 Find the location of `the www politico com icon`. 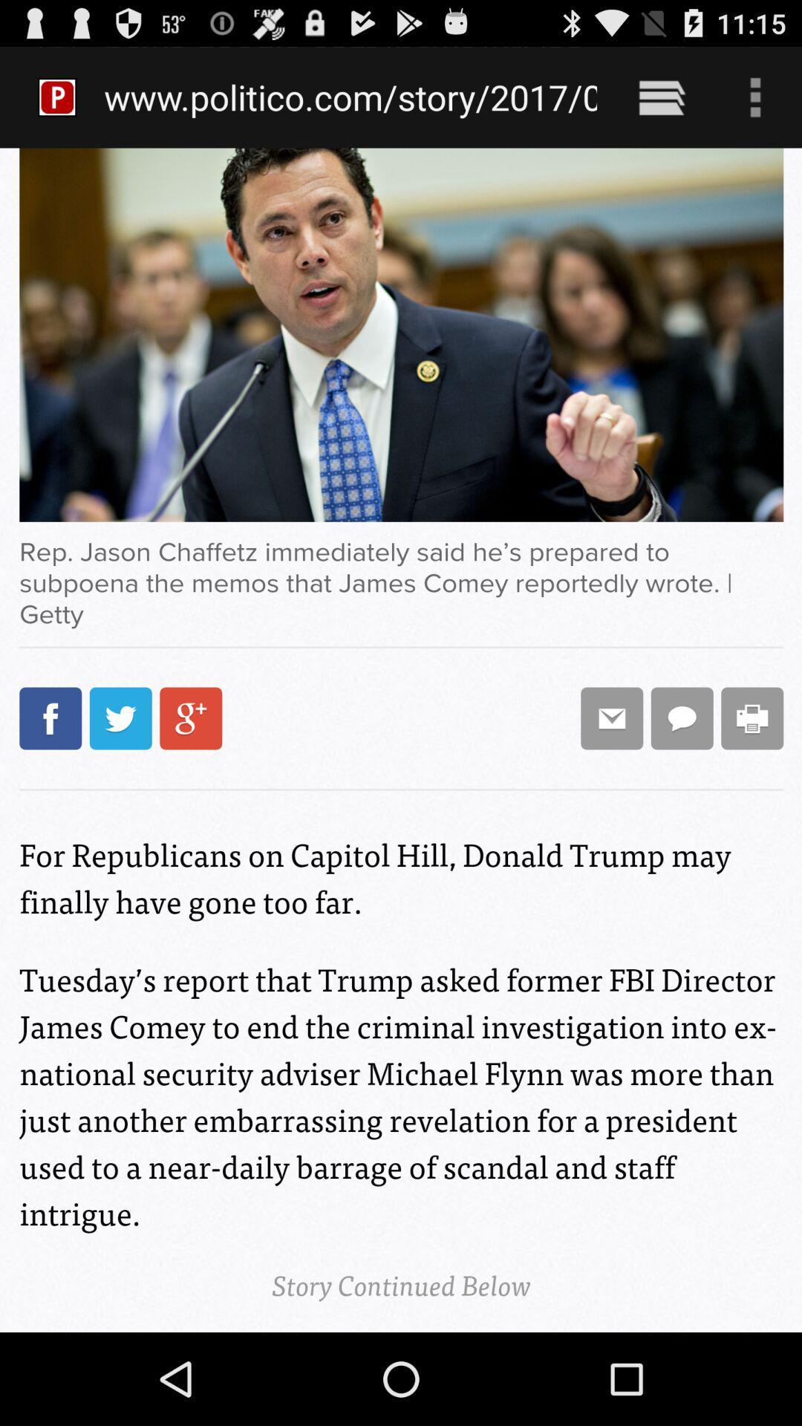

the www politico com icon is located at coordinates (351, 97).